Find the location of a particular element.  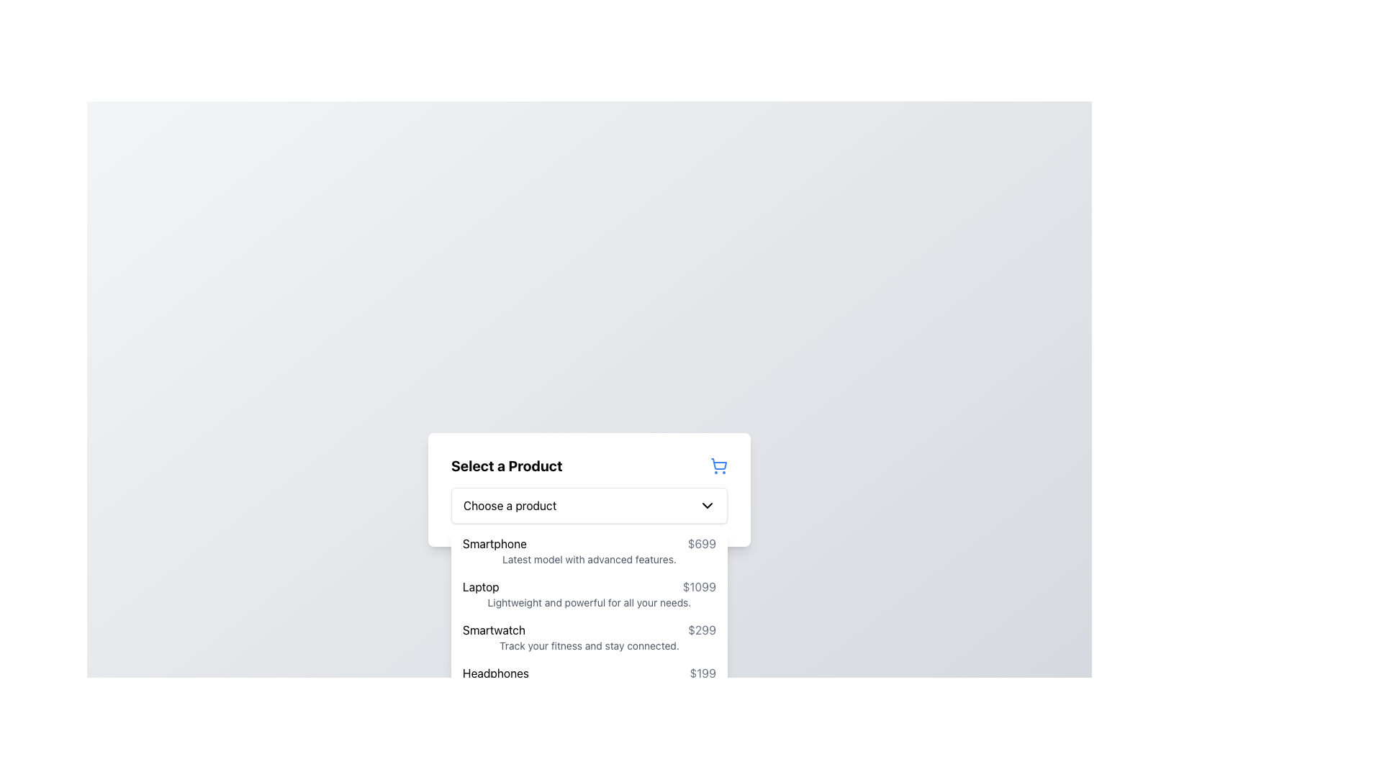

to select the 'Headphones' product option in the dropdown menu, which is the fourth item displaying the price '$199' and description below it is located at coordinates (590, 680).